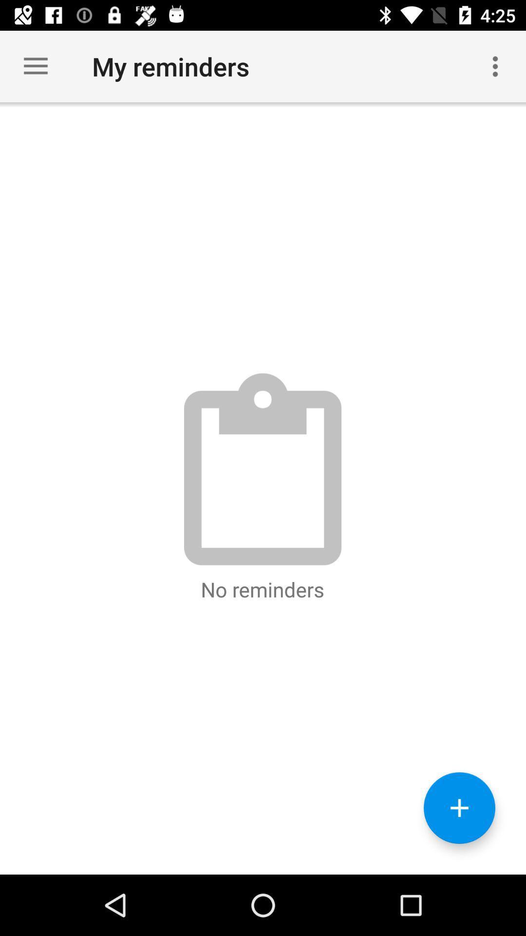 Image resolution: width=526 pixels, height=936 pixels. I want to click on reminders, so click(459, 808).